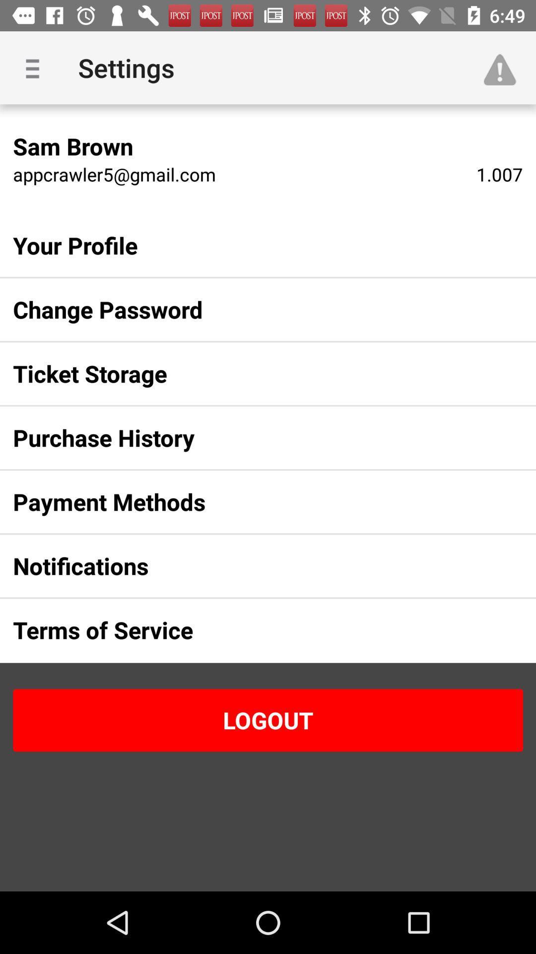 The height and width of the screenshot is (954, 536). What do you see at coordinates (36, 67) in the screenshot?
I see `the item above the sam brown icon` at bounding box center [36, 67].